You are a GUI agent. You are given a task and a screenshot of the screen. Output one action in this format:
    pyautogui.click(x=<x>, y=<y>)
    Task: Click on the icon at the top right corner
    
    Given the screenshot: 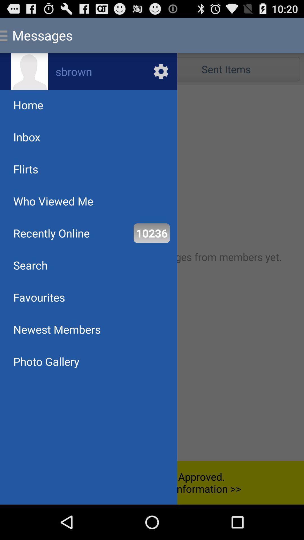 What is the action you would take?
    pyautogui.click(x=226, y=69)
    